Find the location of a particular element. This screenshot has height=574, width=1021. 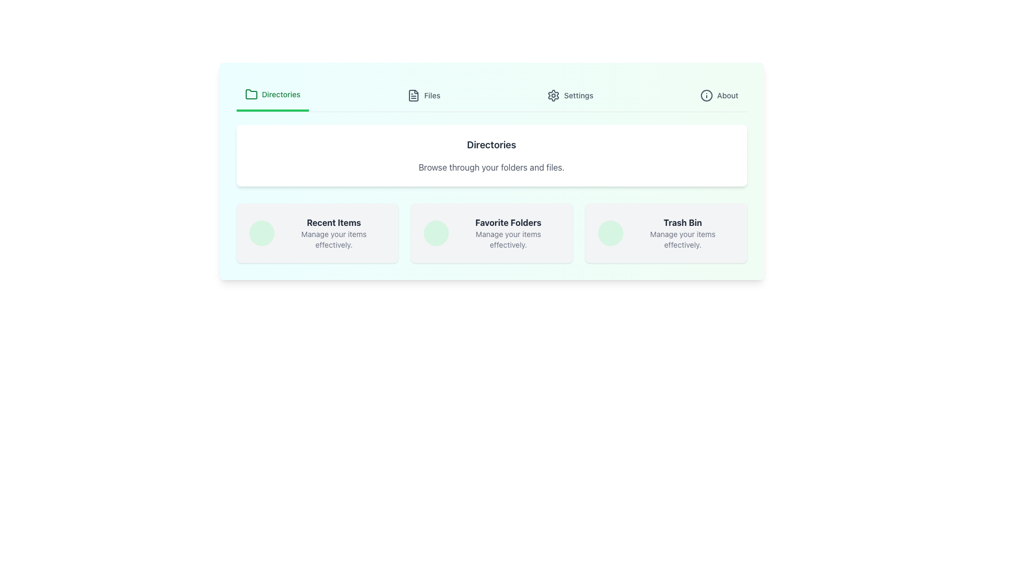

the descriptive subtitle text element located below the 'Recent Items' title, which clarifies the purpose of that section is located at coordinates (333, 240).